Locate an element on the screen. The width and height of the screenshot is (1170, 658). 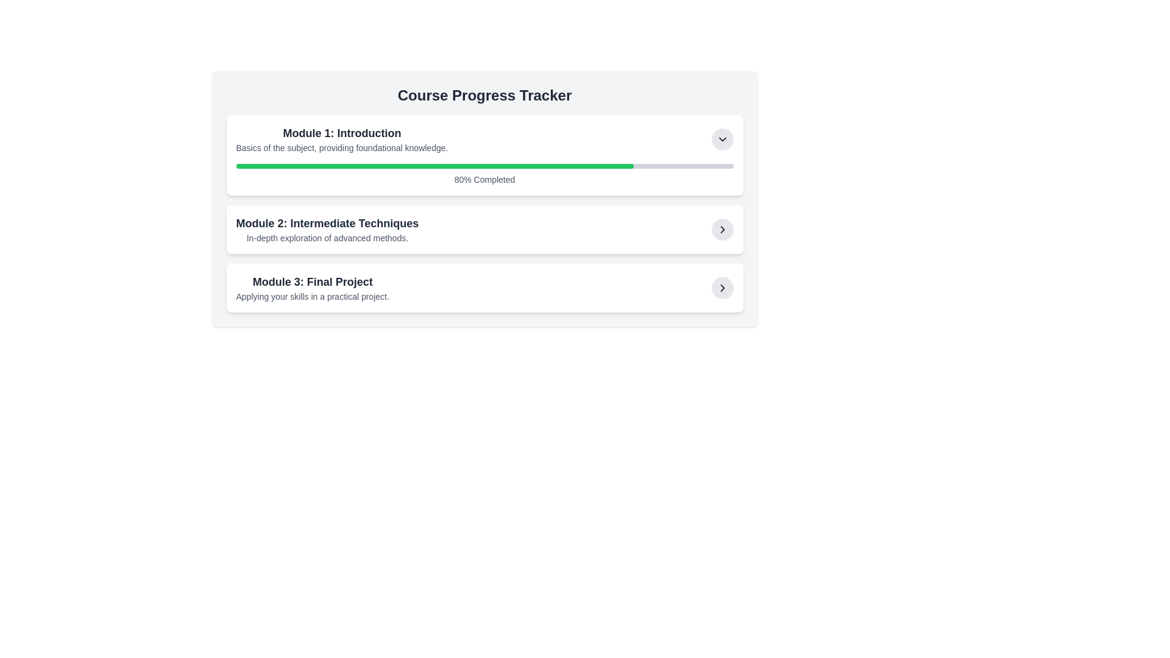
the progress bar for 'Module 1: Introduction' to interact with nearby elements is located at coordinates (484, 166).